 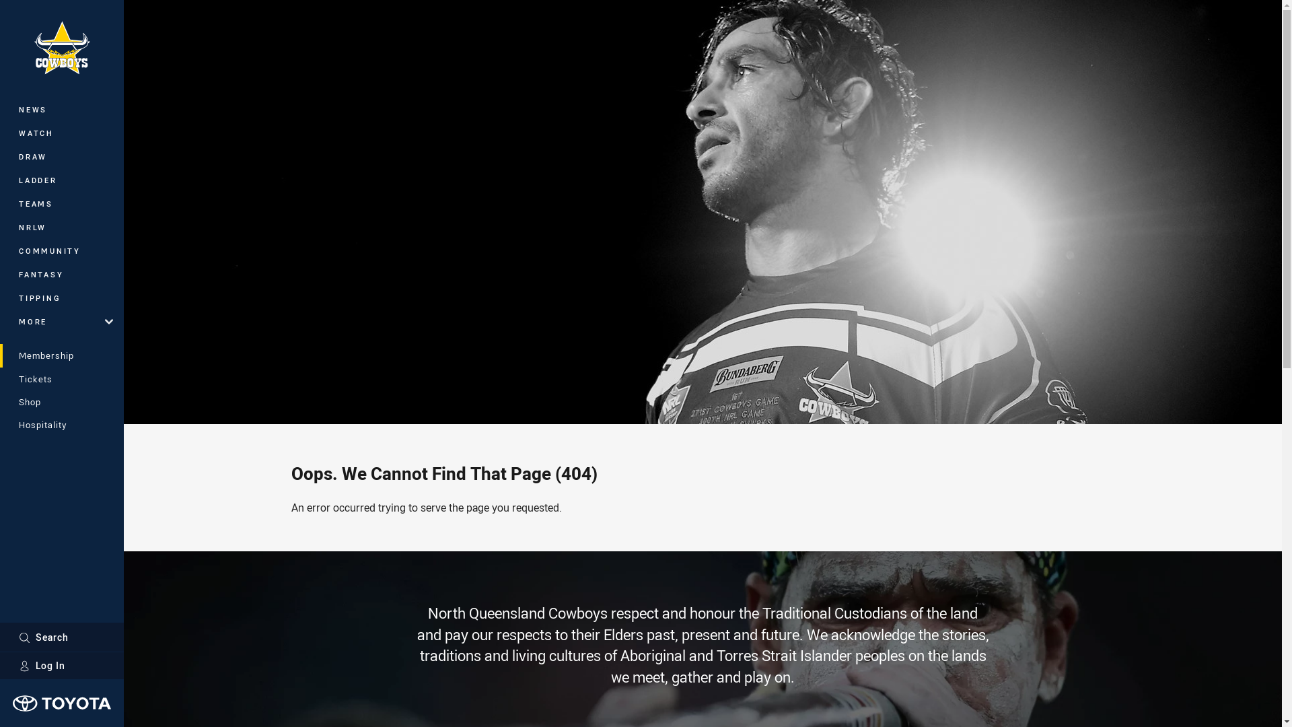 What do you see at coordinates (61, 321) in the screenshot?
I see `'MORE'` at bounding box center [61, 321].